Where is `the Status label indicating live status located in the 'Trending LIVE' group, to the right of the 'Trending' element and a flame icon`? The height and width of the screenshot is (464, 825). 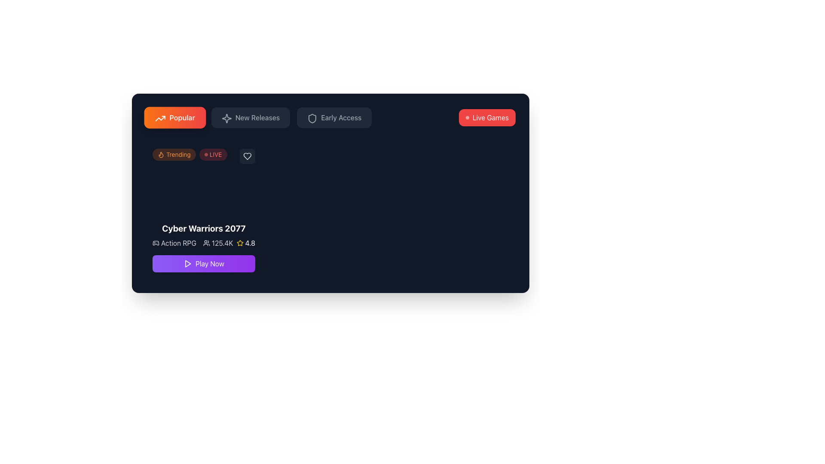
the Status label indicating live status located in the 'Trending LIVE' group, to the right of the 'Trending' element and a flame icon is located at coordinates (213, 154).